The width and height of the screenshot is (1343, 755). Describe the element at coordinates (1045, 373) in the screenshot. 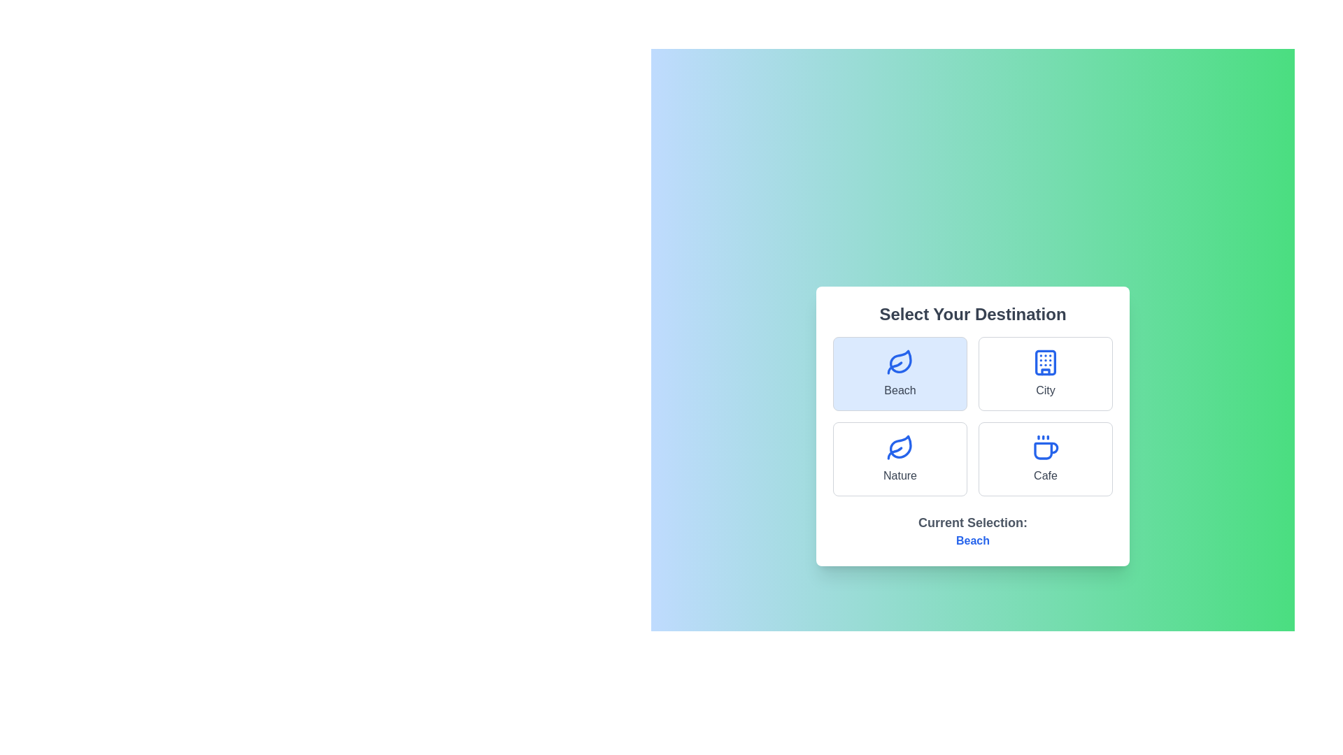

I see `the City option to observe the visual feedback` at that location.